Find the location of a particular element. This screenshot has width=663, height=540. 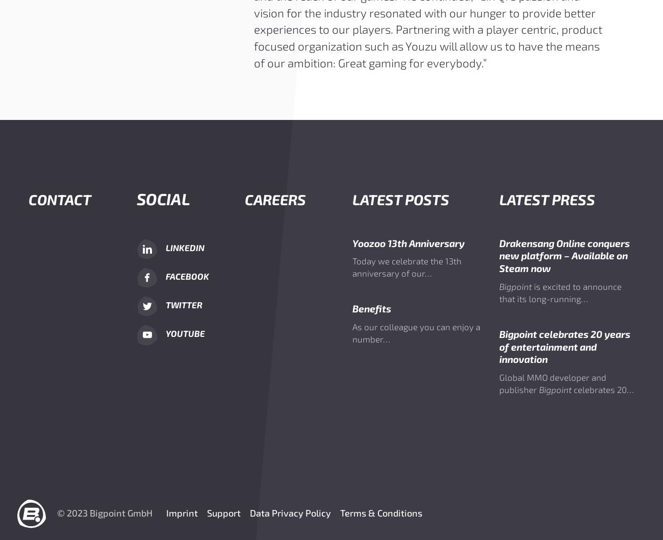

'is excited to announce that its long-running…' is located at coordinates (559, 292).